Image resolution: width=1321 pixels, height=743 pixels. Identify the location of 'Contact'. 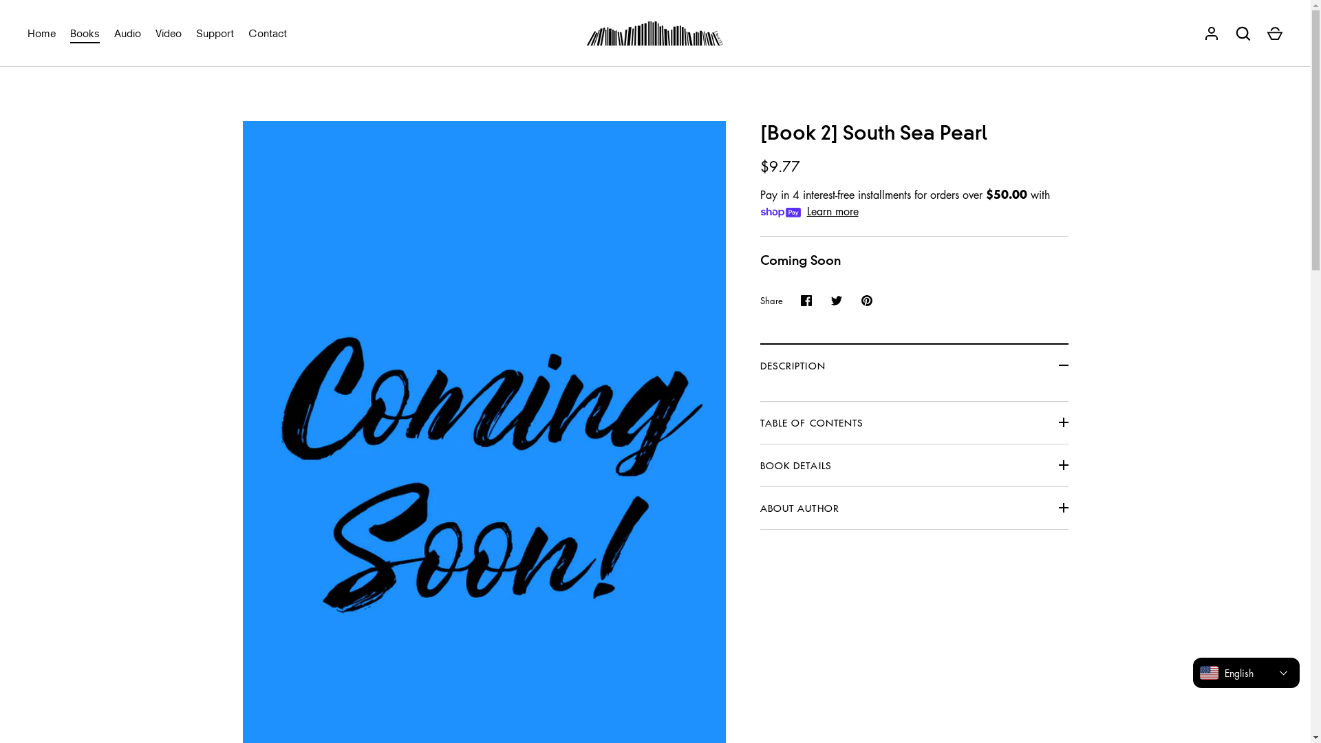
(267, 32).